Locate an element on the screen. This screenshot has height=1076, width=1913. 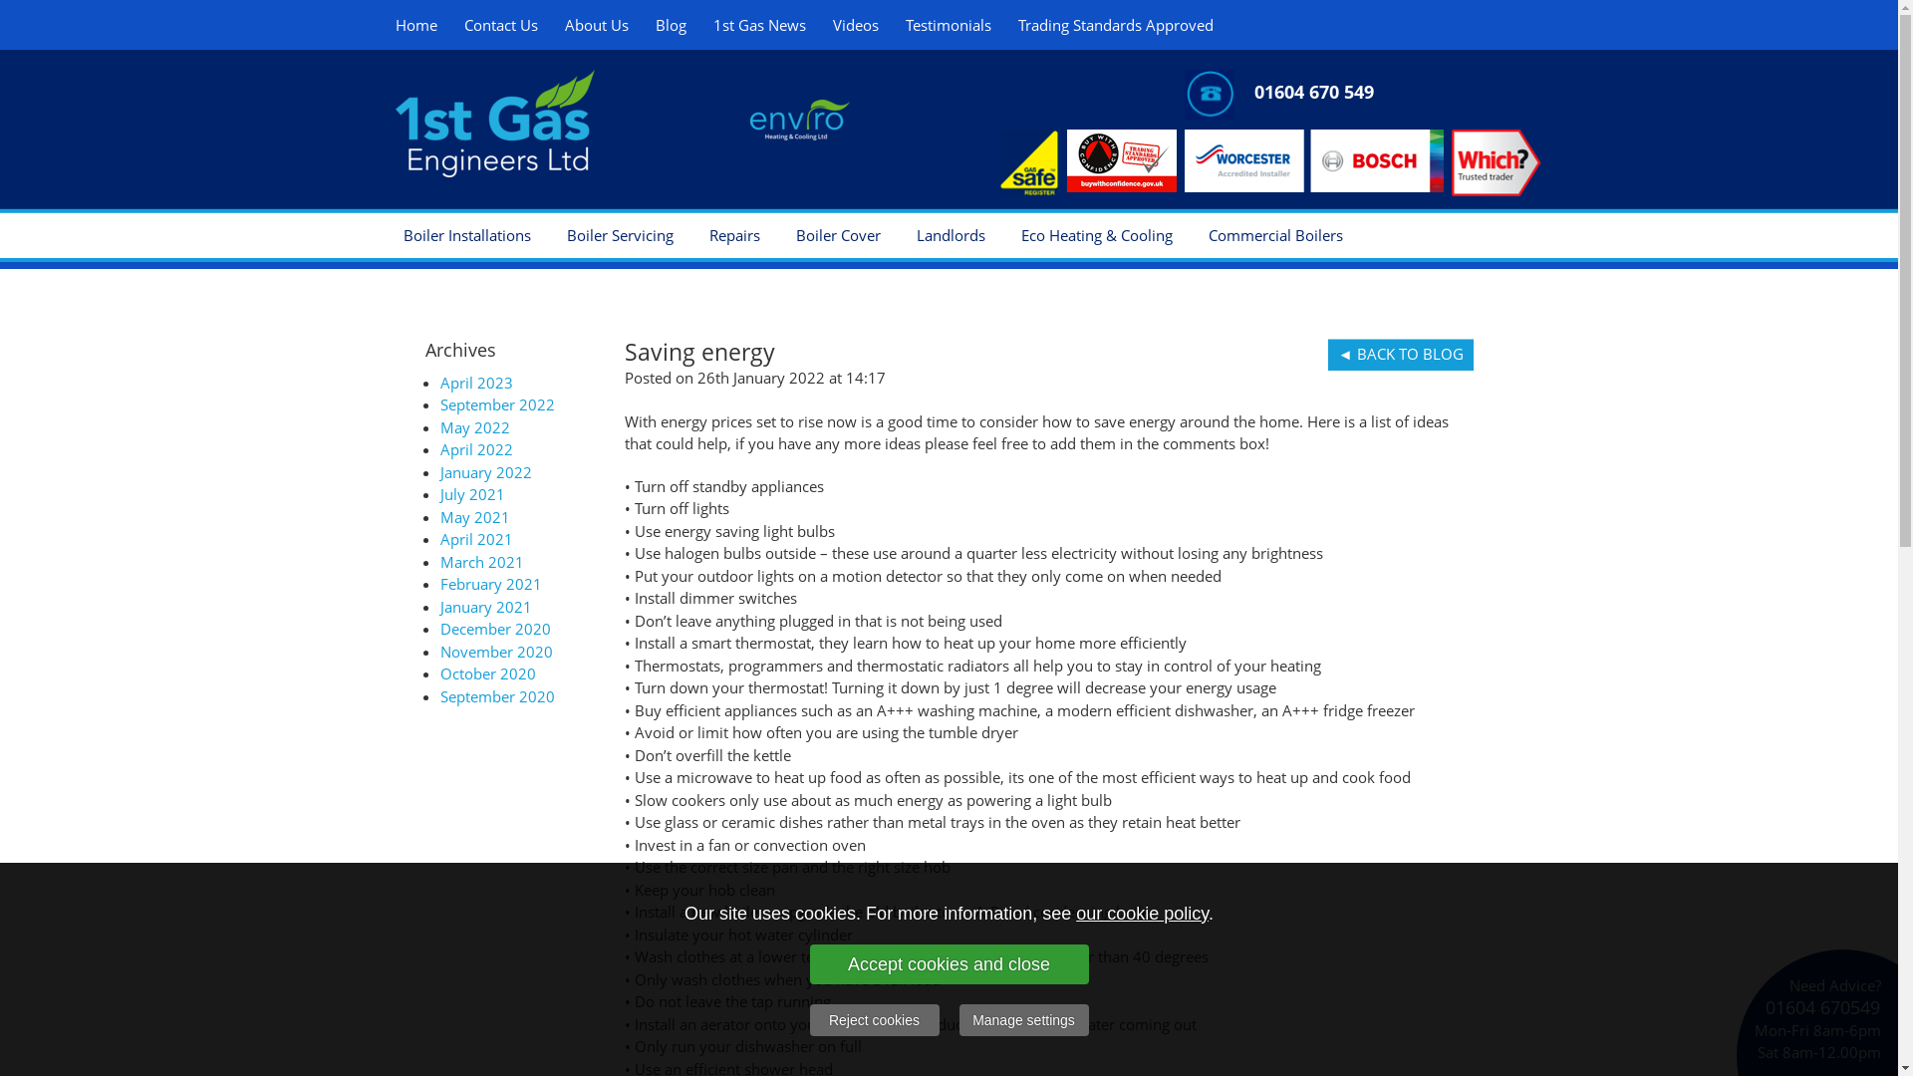
'Testimonials' is located at coordinates (946, 24).